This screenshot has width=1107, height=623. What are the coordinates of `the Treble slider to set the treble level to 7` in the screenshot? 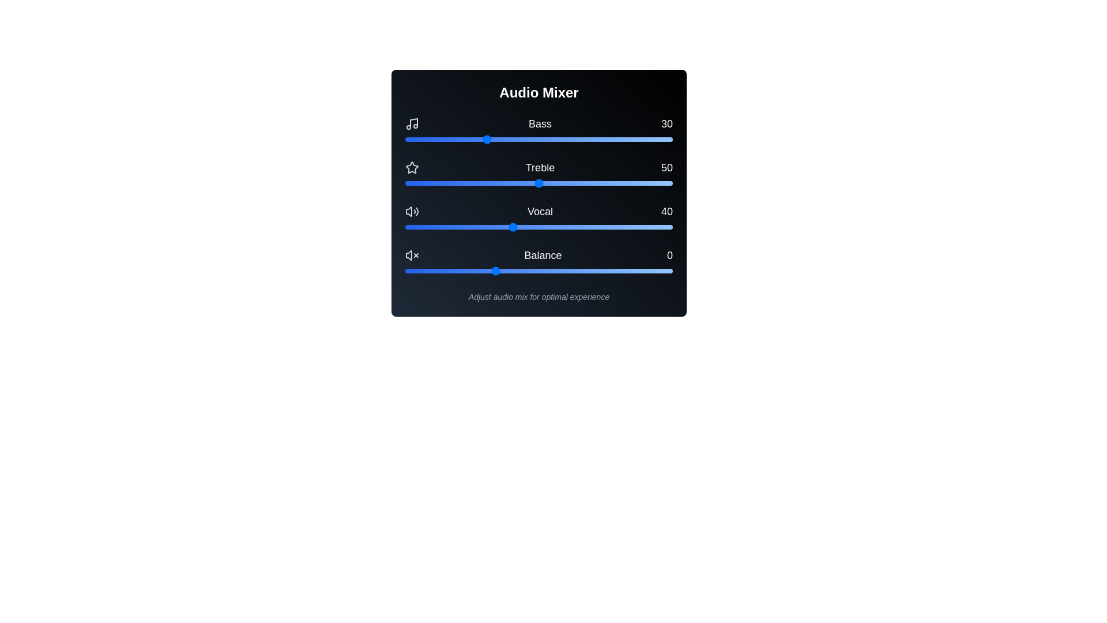 It's located at (423, 182).